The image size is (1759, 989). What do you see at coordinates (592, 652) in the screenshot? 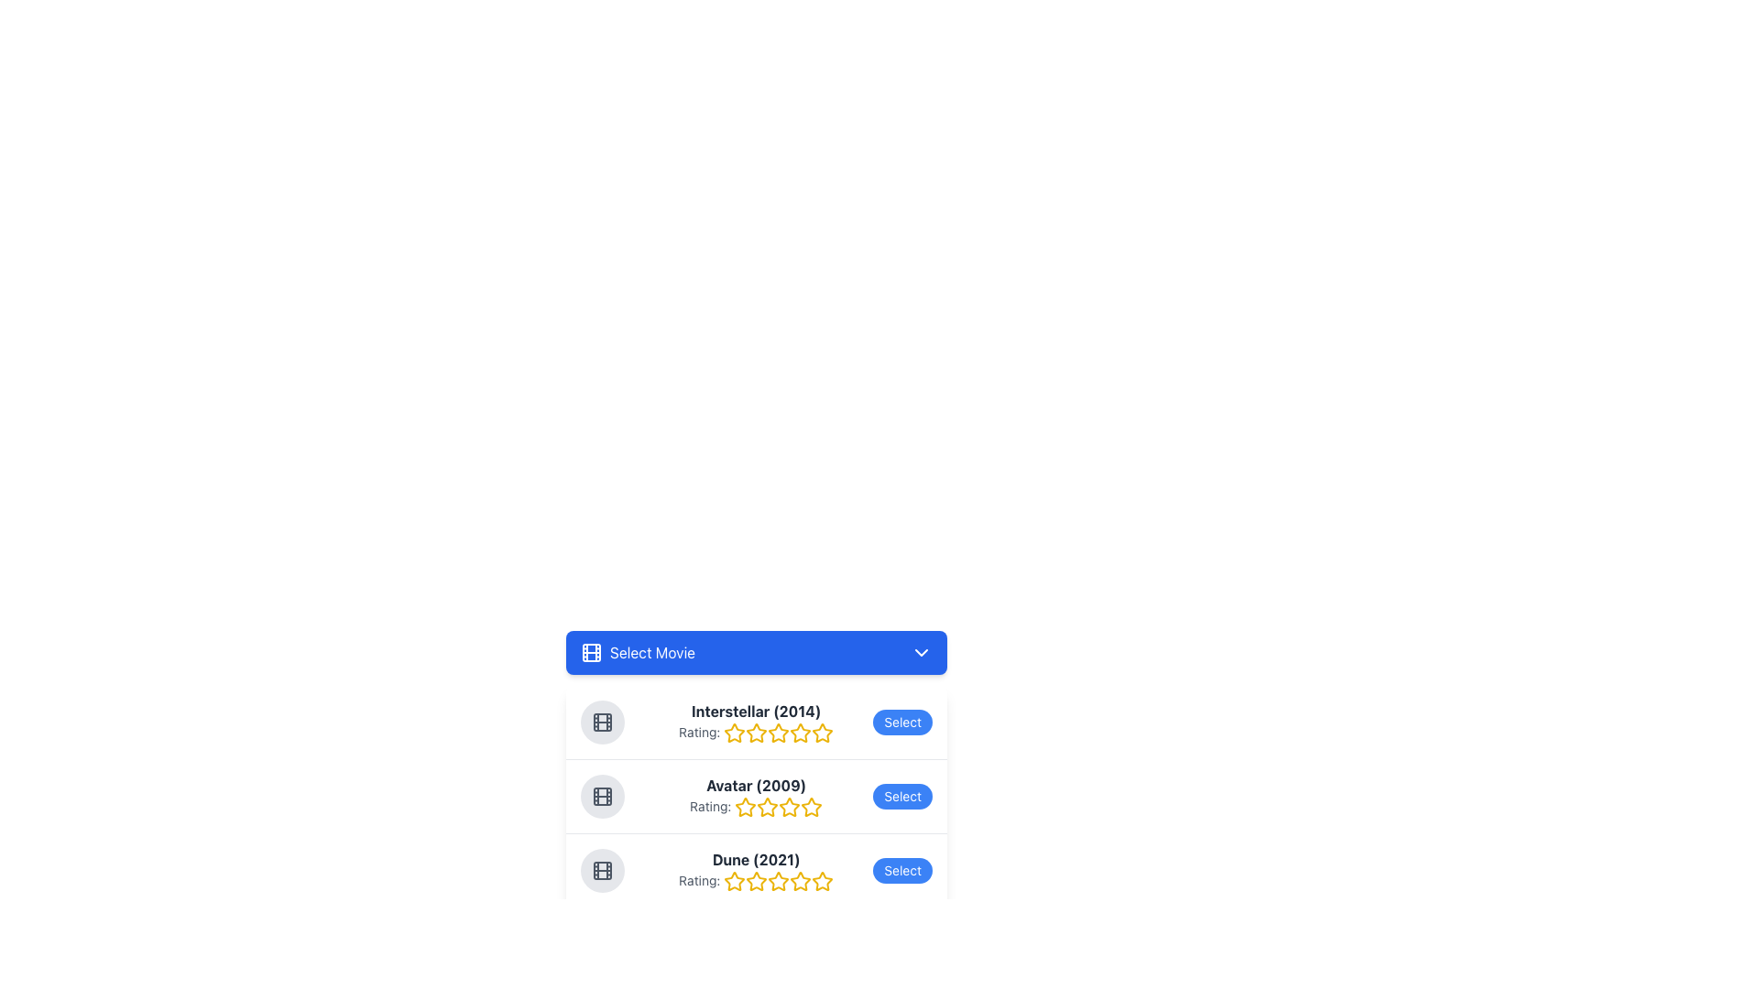
I see `the filmstrip icon located at the leftmost position within the 'Select Movie' header bar, which is visually styled as a rounded rectangle with smaller rectangles resembling film holes` at bounding box center [592, 652].